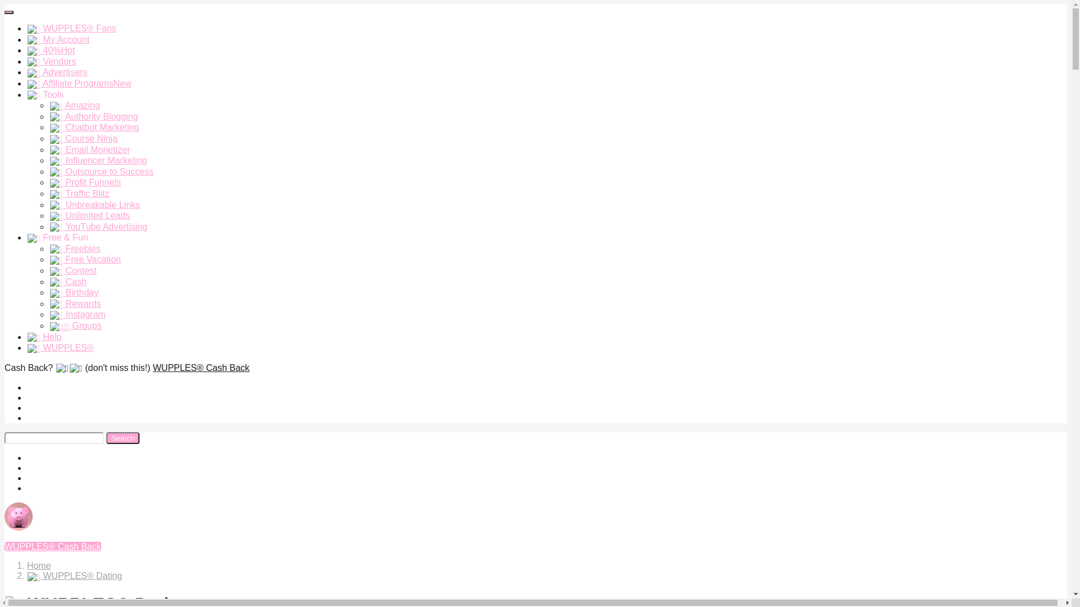  Describe the element at coordinates (89, 215) in the screenshot. I see `'Unlimited Leads'` at that location.